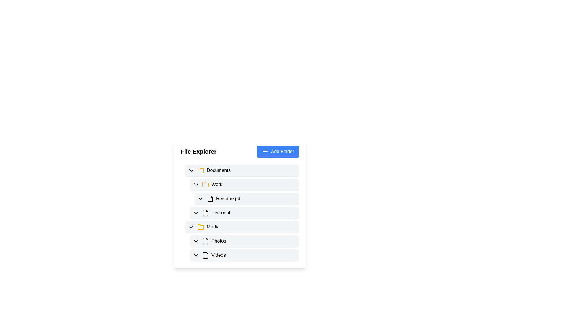 This screenshot has width=567, height=318. What do you see at coordinates (206, 184) in the screenshot?
I see `the yellow folder icon with rounded edges located in the 'File Explorer' section, aligned with the 'Work' label` at bounding box center [206, 184].